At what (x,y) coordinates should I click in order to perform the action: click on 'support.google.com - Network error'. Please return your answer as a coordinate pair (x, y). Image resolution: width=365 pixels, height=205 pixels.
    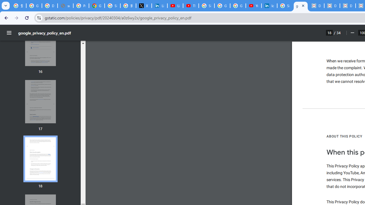
    Looking at the image, I should click on (65, 6).